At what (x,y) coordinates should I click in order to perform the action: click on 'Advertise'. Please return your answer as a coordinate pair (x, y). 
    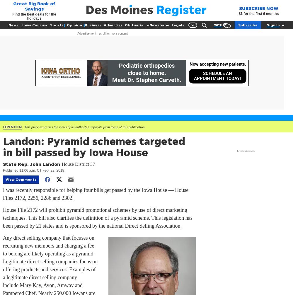
    Looking at the image, I should click on (103, 25).